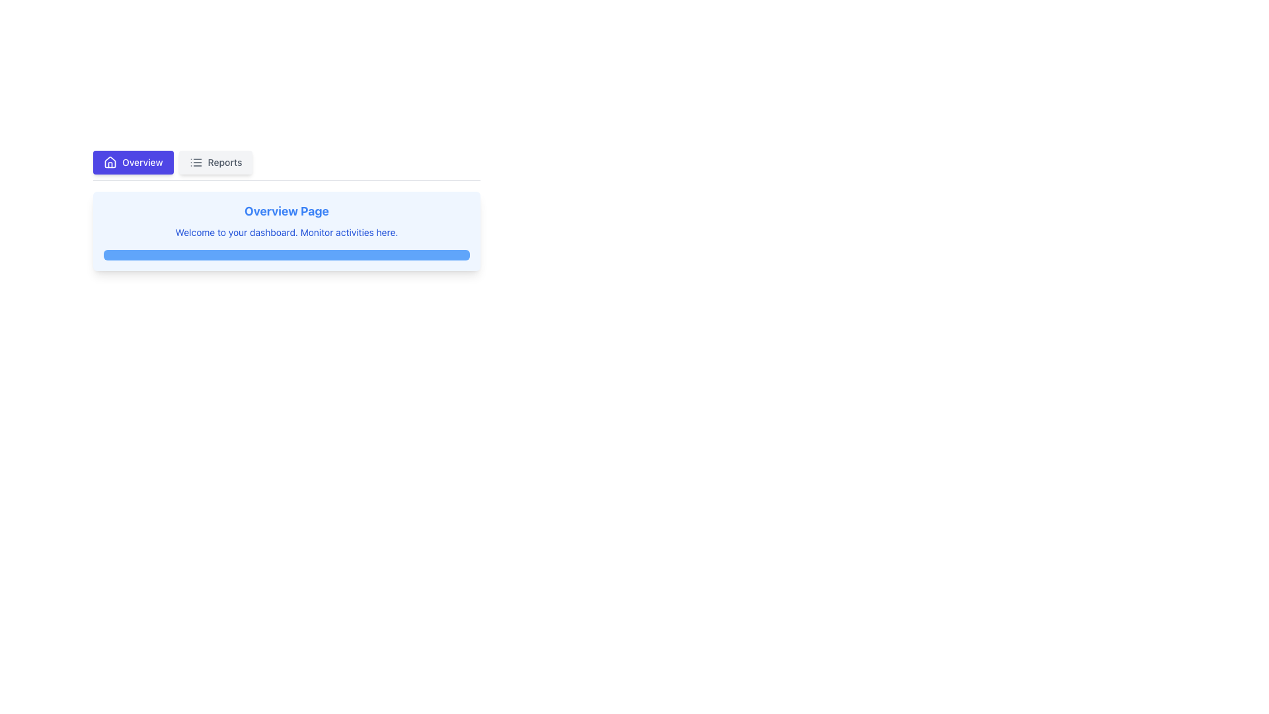 This screenshot has height=714, width=1269. Describe the element at coordinates (225, 162) in the screenshot. I see `the 'Reports' text label, which is styled with a medium font weight and gray color, located next to an icon in the top middle section of the interface` at that location.